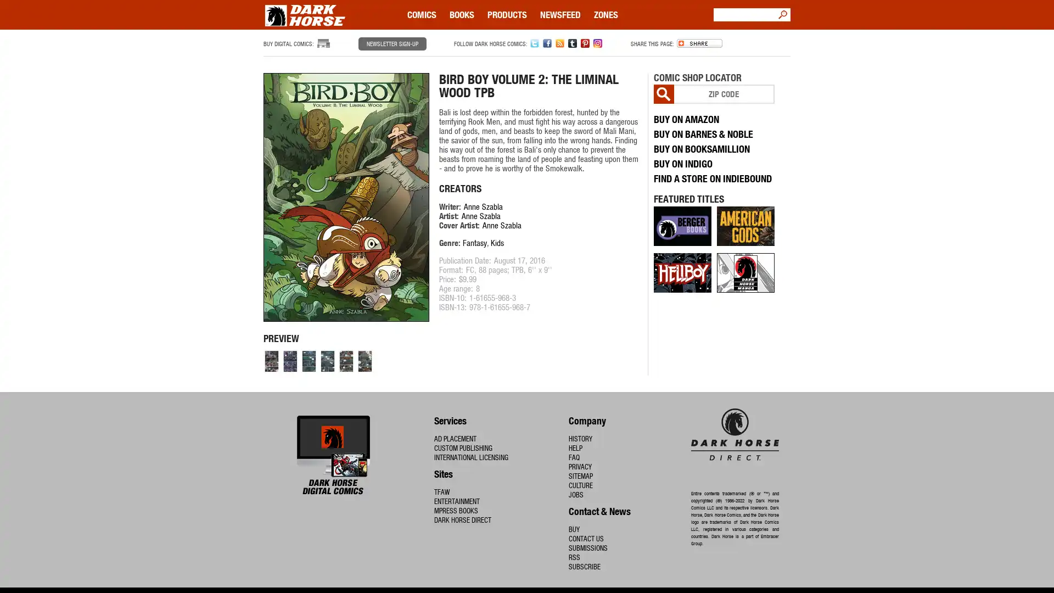  What do you see at coordinates (663, 93) in the screenshot?
I see `Go` at bounding box center [663, 93].